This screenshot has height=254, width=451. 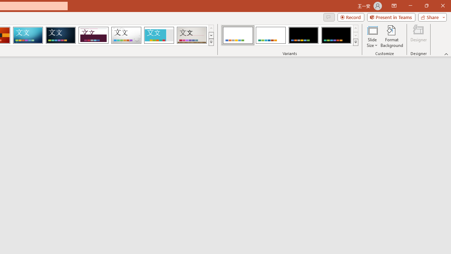 What do you see at coordinates (61, 35) in the screenshot?
I see `'Damask Loading Preview...'` at bounding box center [61, 35].